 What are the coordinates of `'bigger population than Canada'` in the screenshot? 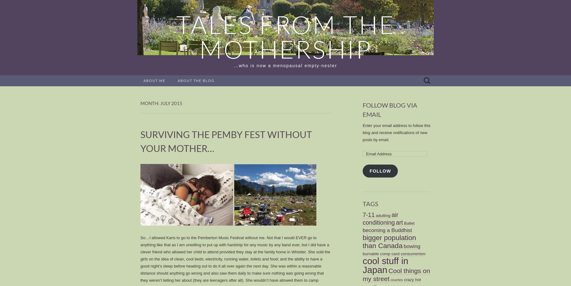 It's located at (362, 241).